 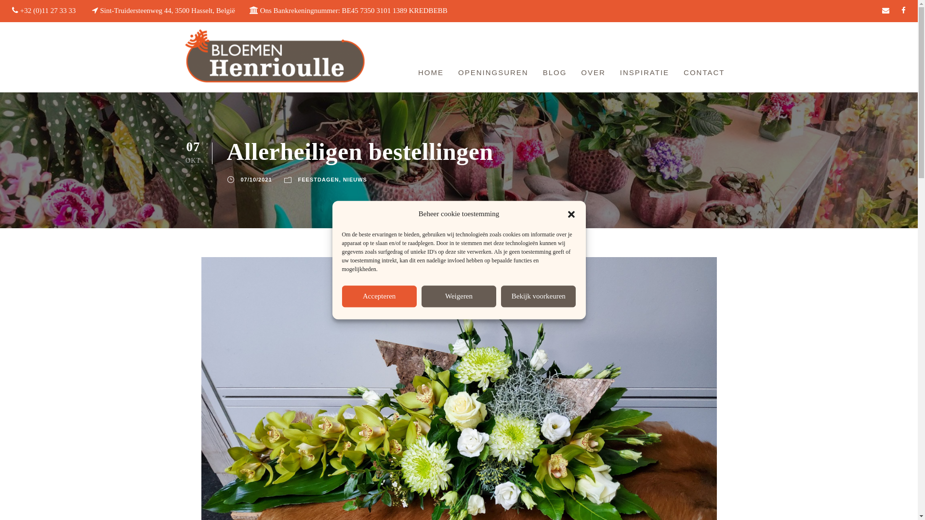 What do you see at coordinates (901, 11) in the screenshot?
I see `'facebook'` at bounding box center [901, 11].